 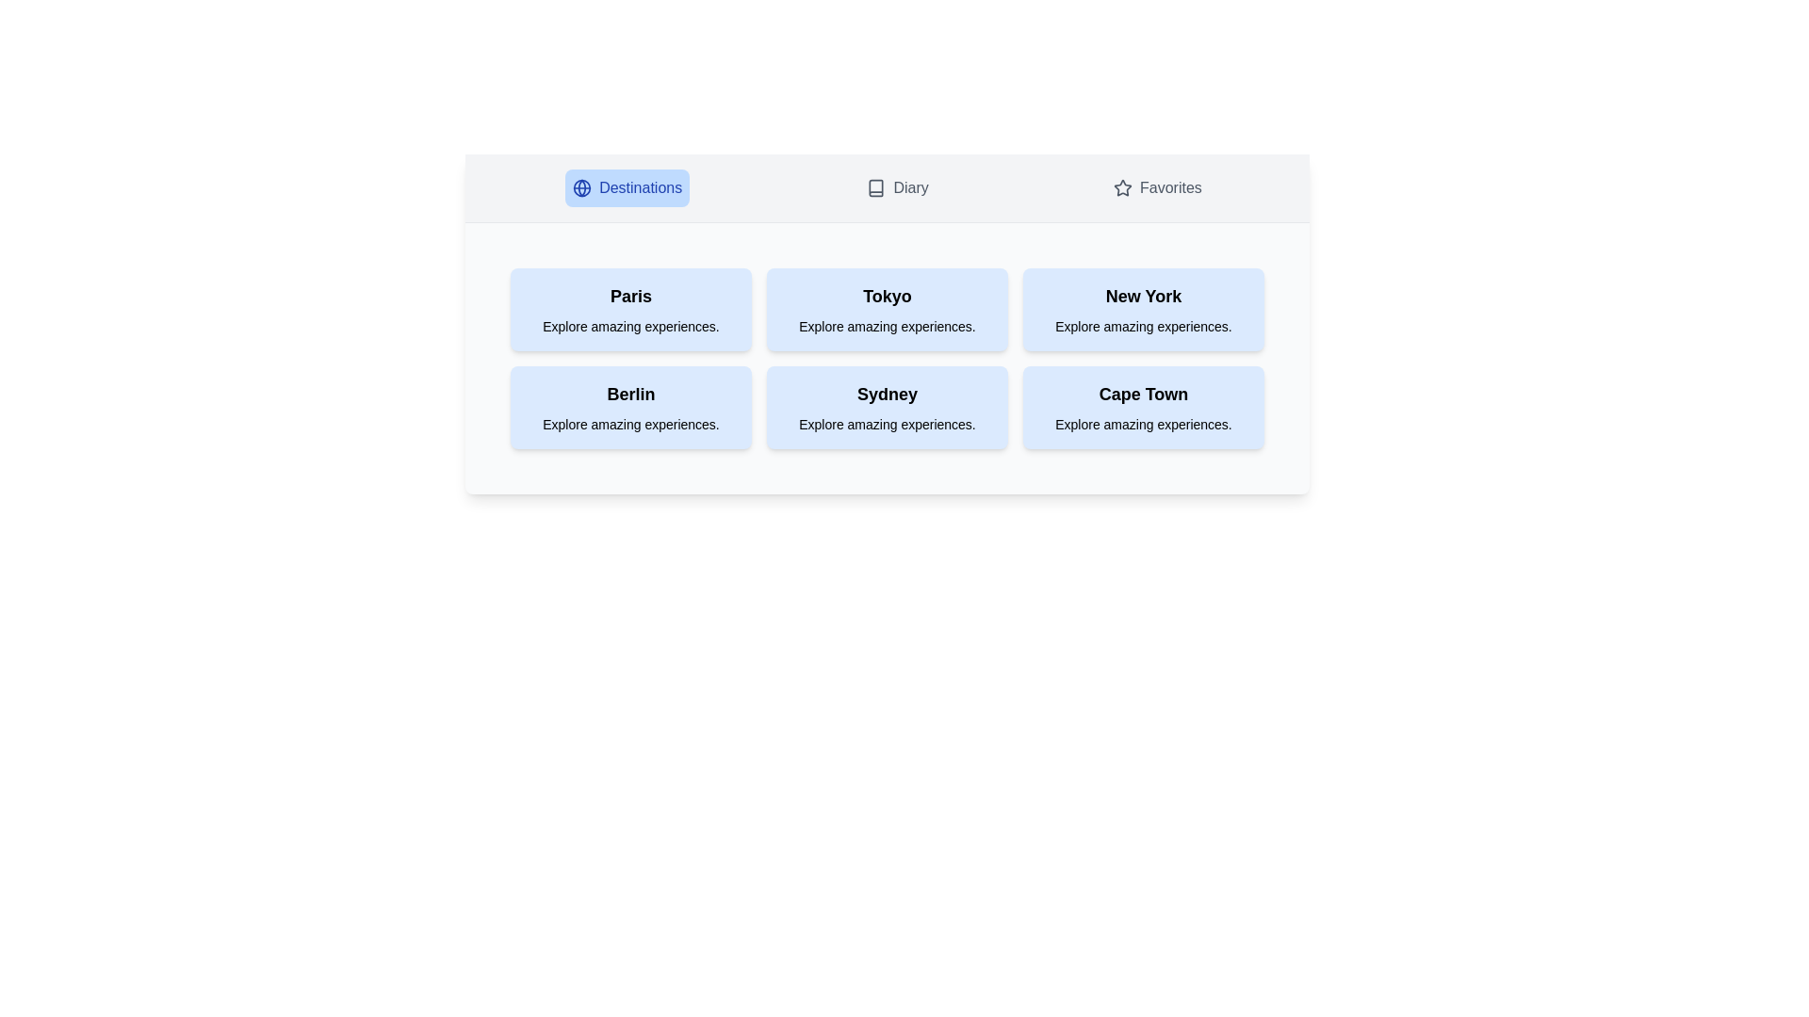 I want to click on the destination card labeled Paris, so click(x=631, y=308).